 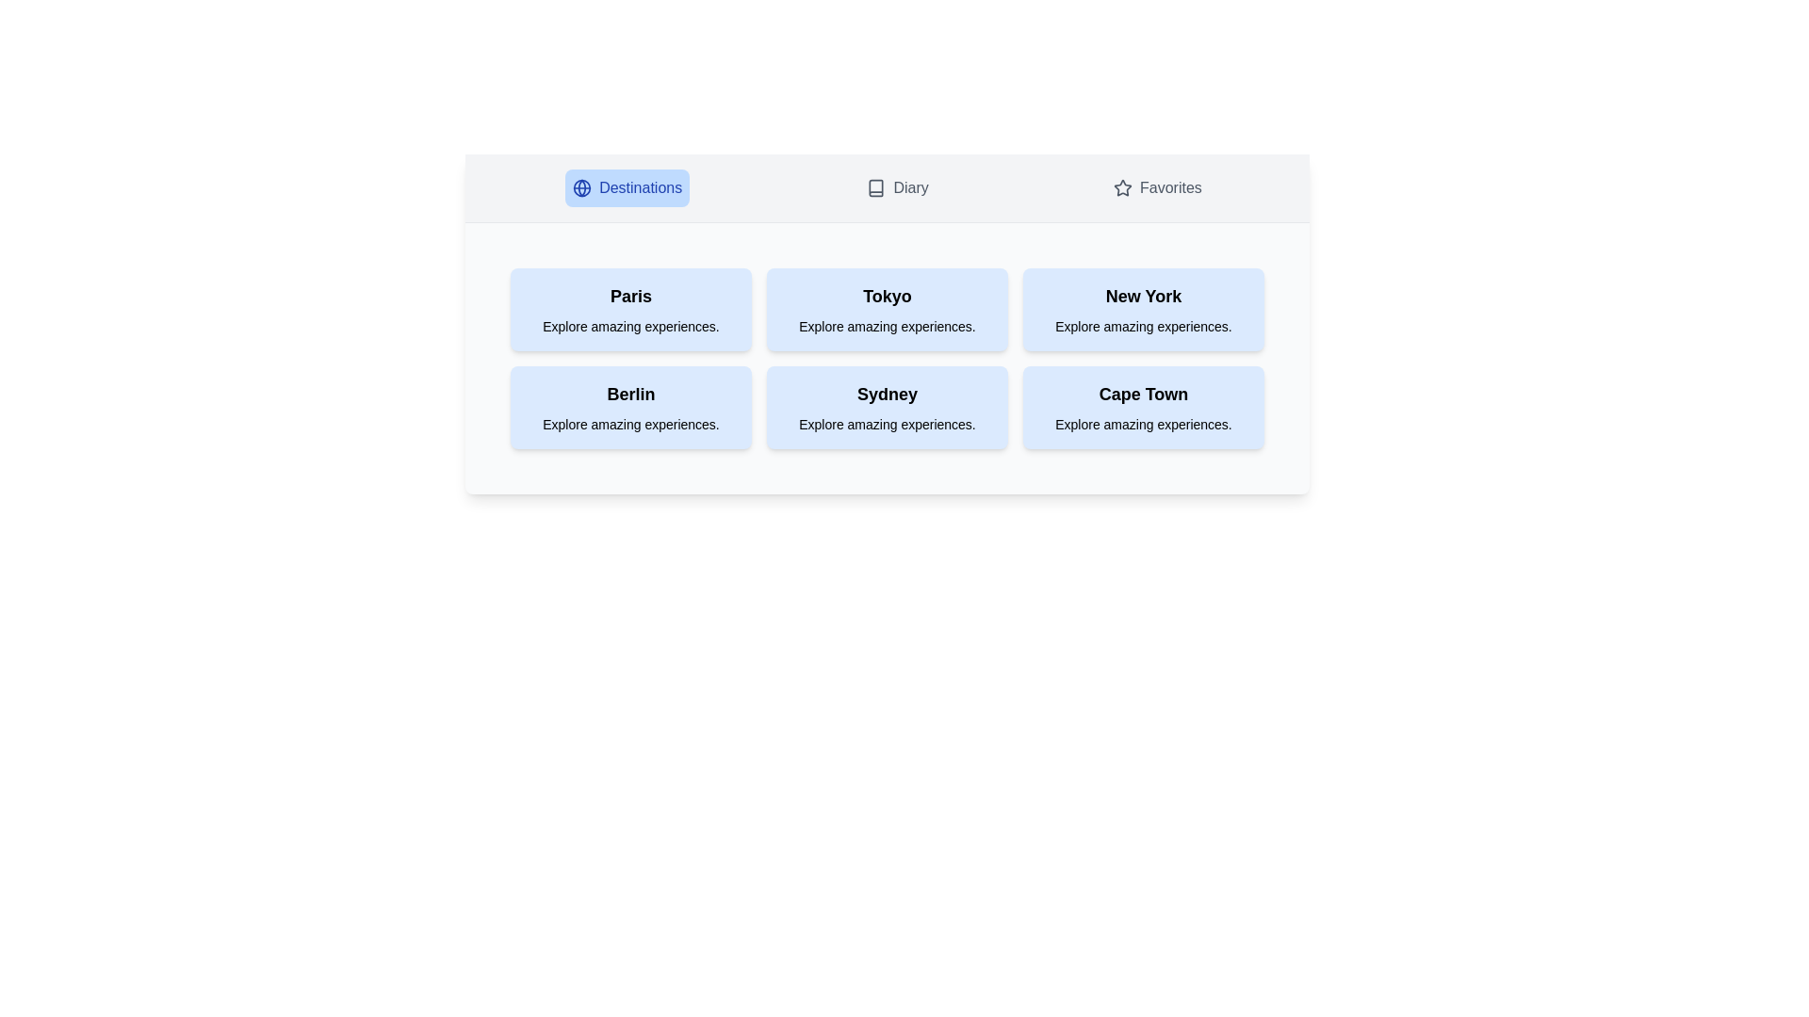 I want to click on the destination card labeled Paris, so click(x=631, y=308).